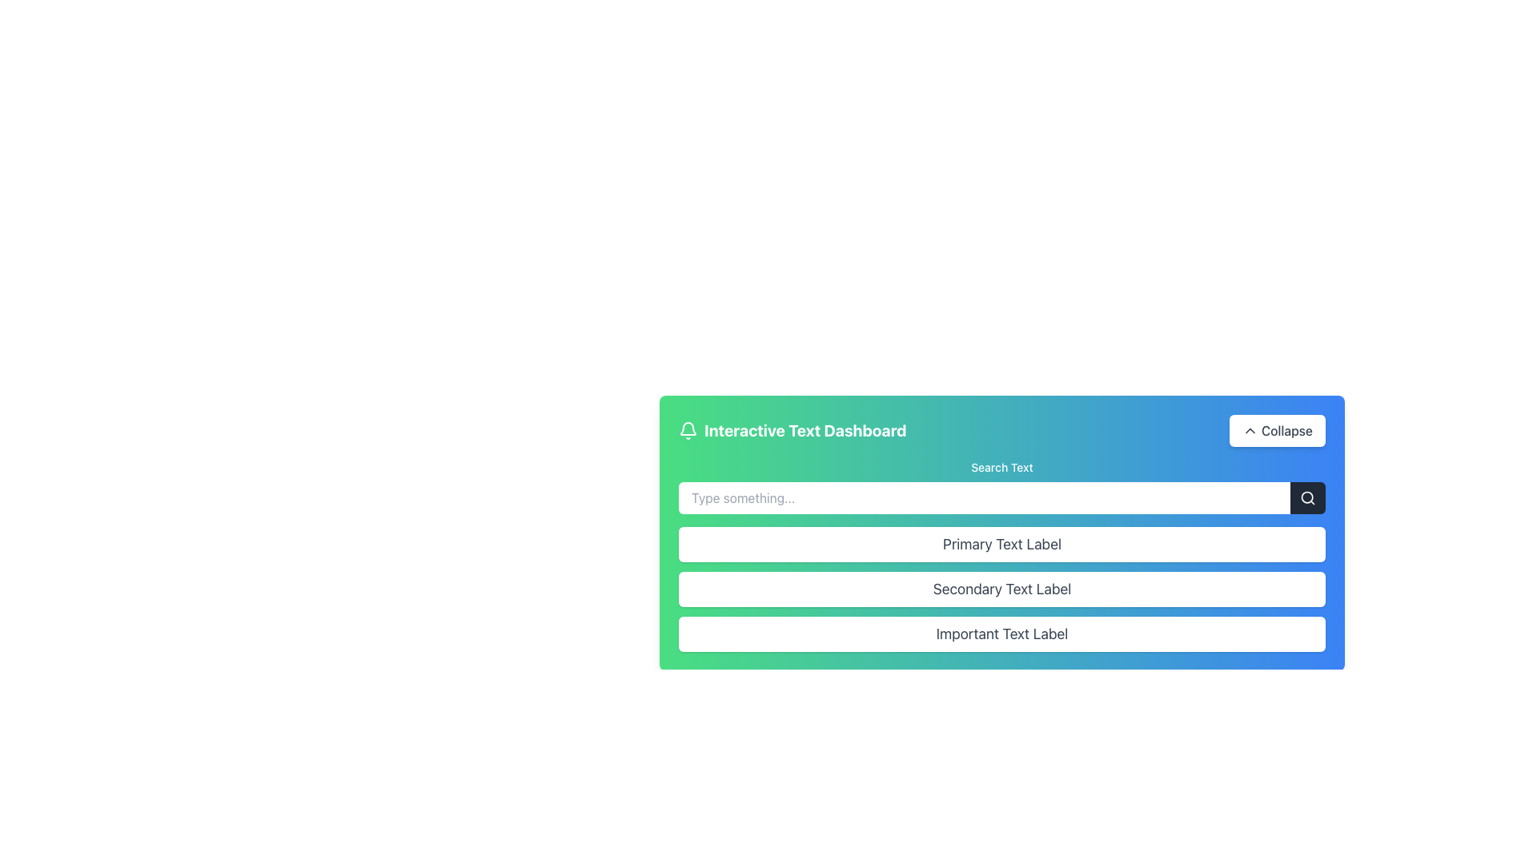  Describe the element at coordinates (1001, 543) in the screenshot. I see `the 'Primary Text Label' which is the first element in a stacked column of three similar text labels, located immediately below the search bar interface` at that location.